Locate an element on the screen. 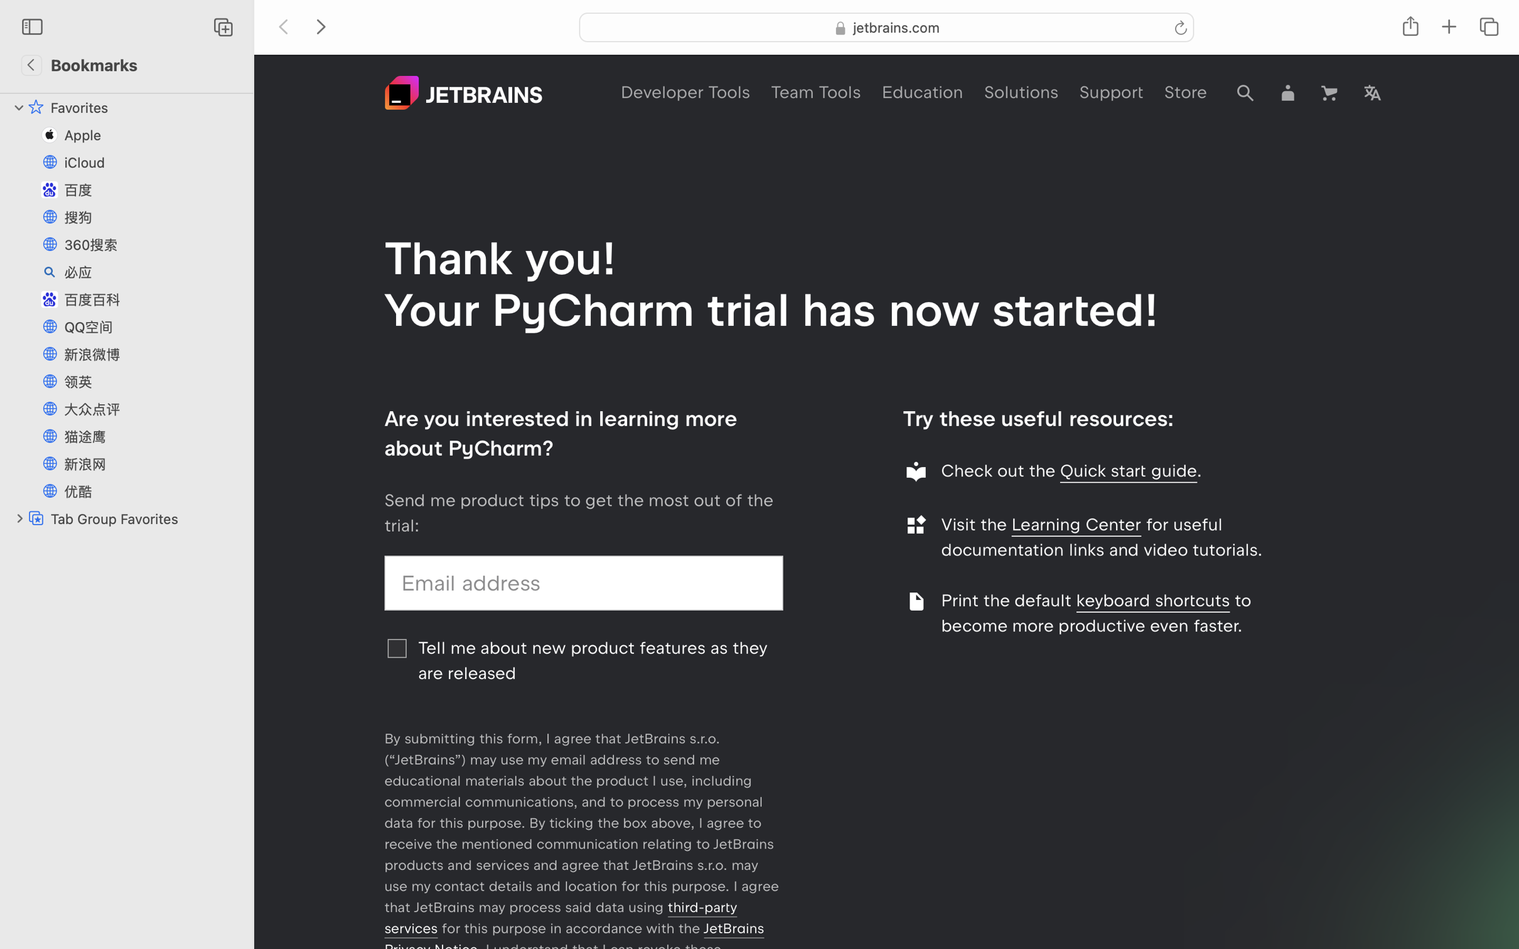 Image resolution: width=1519 pixels, height=949 pixels. 'Try these useful resources:' is located at coordinates (1039, 417).